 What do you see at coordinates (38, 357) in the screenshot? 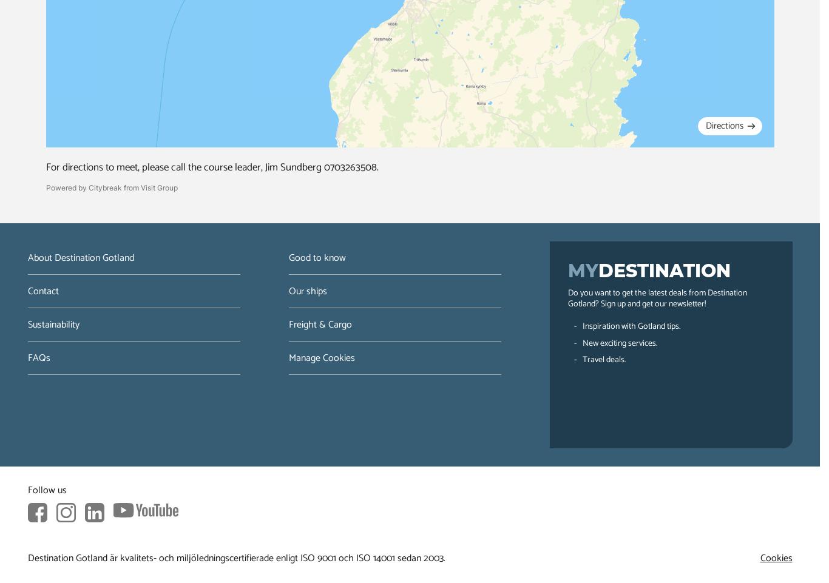
I see `'FAQs'` at bounding box center [38, 357].